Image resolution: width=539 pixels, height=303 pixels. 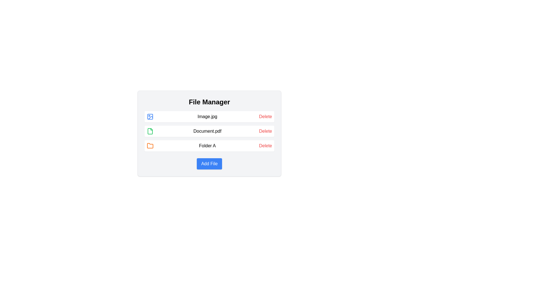 I want to click on the folder icon located at the far left of the 'Folder A' row in the list of file items within the 'File Manager' component, so click(x=150, y=146).